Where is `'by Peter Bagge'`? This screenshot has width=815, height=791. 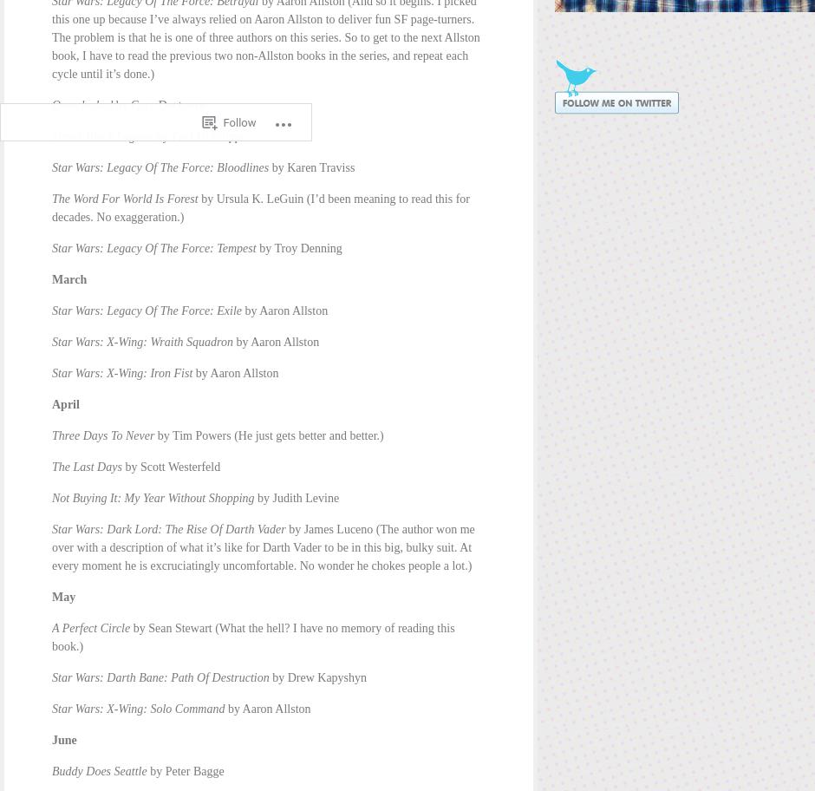
'by Peter Bagge' is located at coordinates (184, 770).